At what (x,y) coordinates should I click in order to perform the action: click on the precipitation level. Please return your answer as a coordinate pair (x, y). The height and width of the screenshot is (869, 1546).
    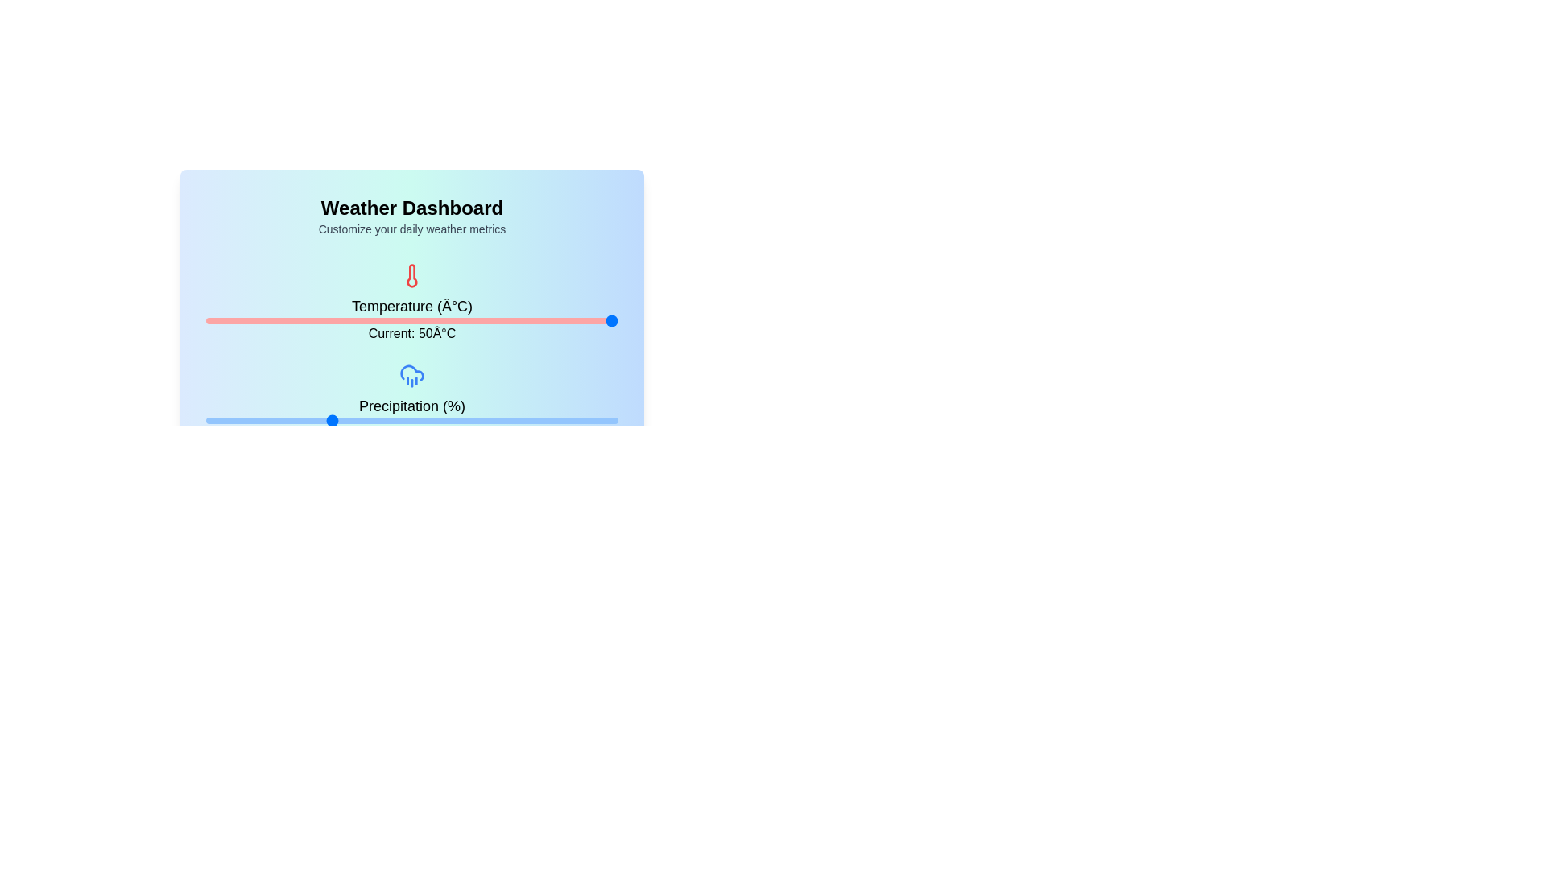
    Looking at the image, I should click on (387, 420).